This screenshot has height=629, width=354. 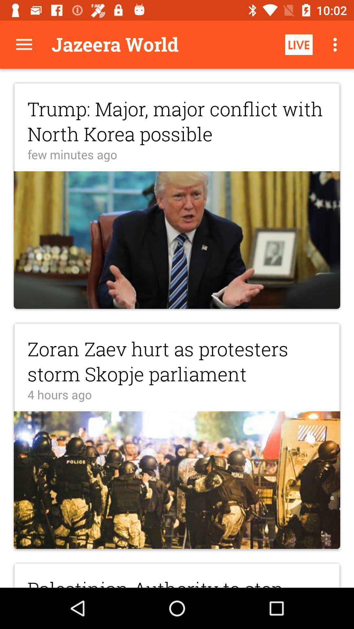 What do you see at coordinates (24, 44) in the screenshot?
I see `the icon above the trump major major item` at bounding box center [24, 44].